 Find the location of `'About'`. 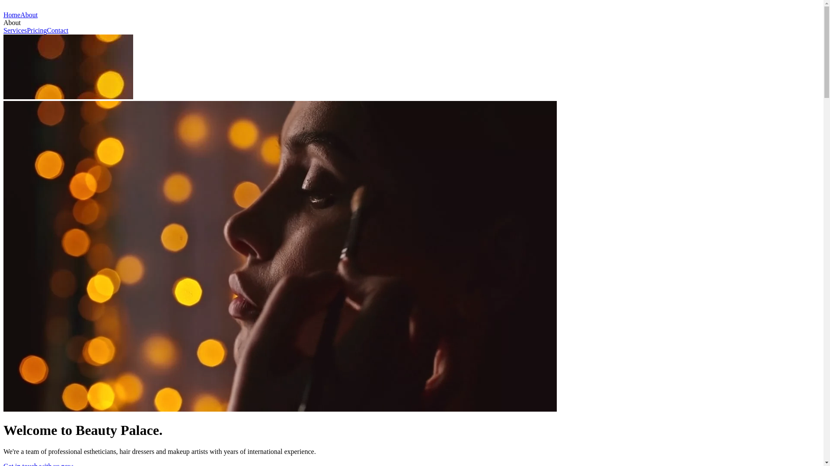

'About' is located at coordinates (29, 15).